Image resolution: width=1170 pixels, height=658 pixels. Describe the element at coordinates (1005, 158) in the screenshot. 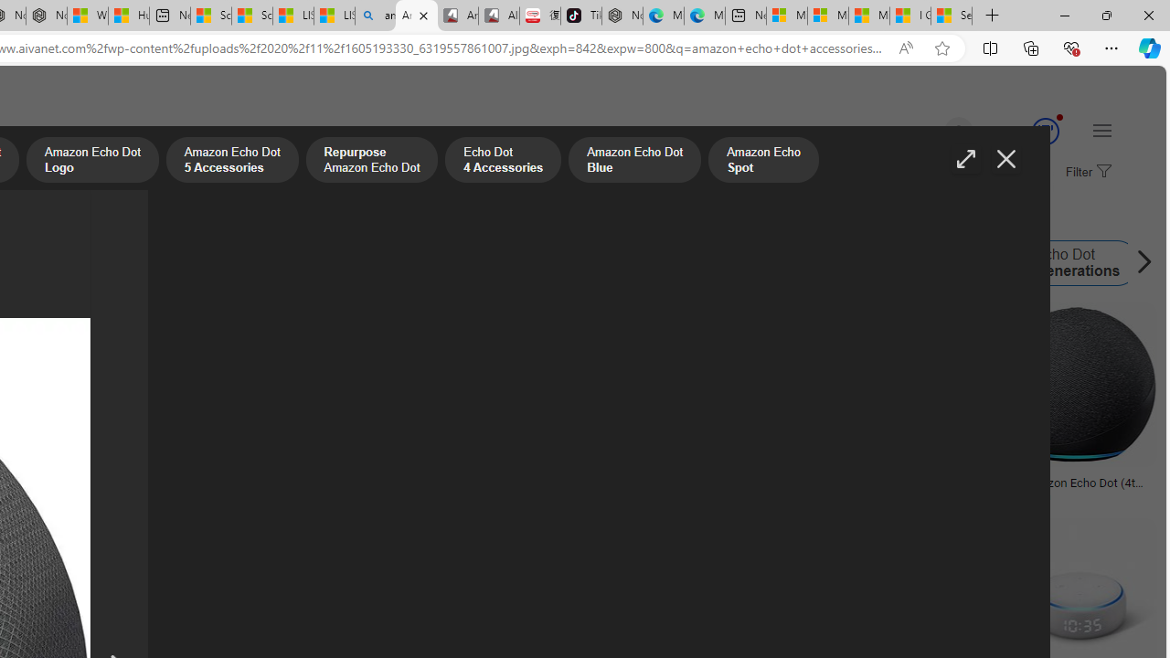

I see `'Close image'` at that location.